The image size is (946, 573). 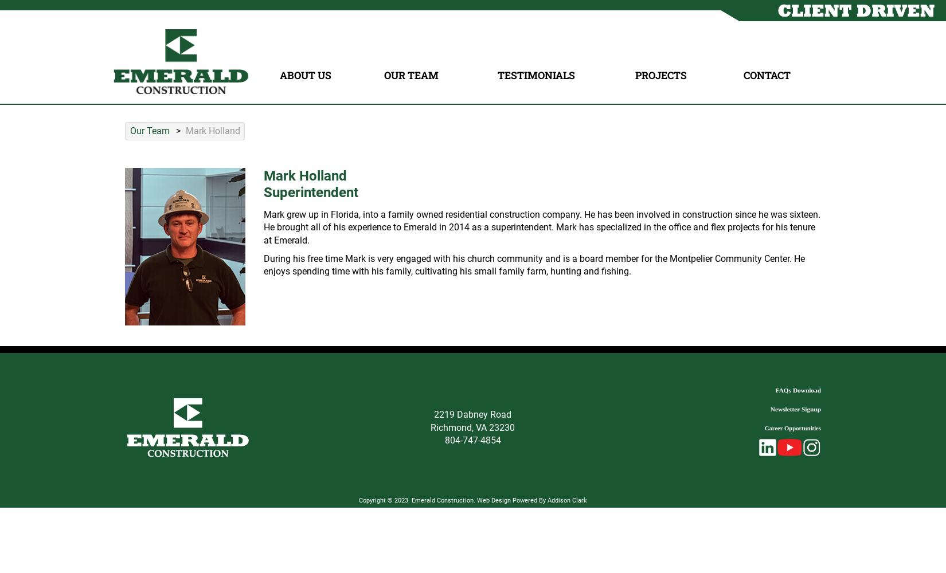 What do you see at coordinates (304, 75) in the screenshot?
I see `'About Us'` at bounding box center [304, 75].